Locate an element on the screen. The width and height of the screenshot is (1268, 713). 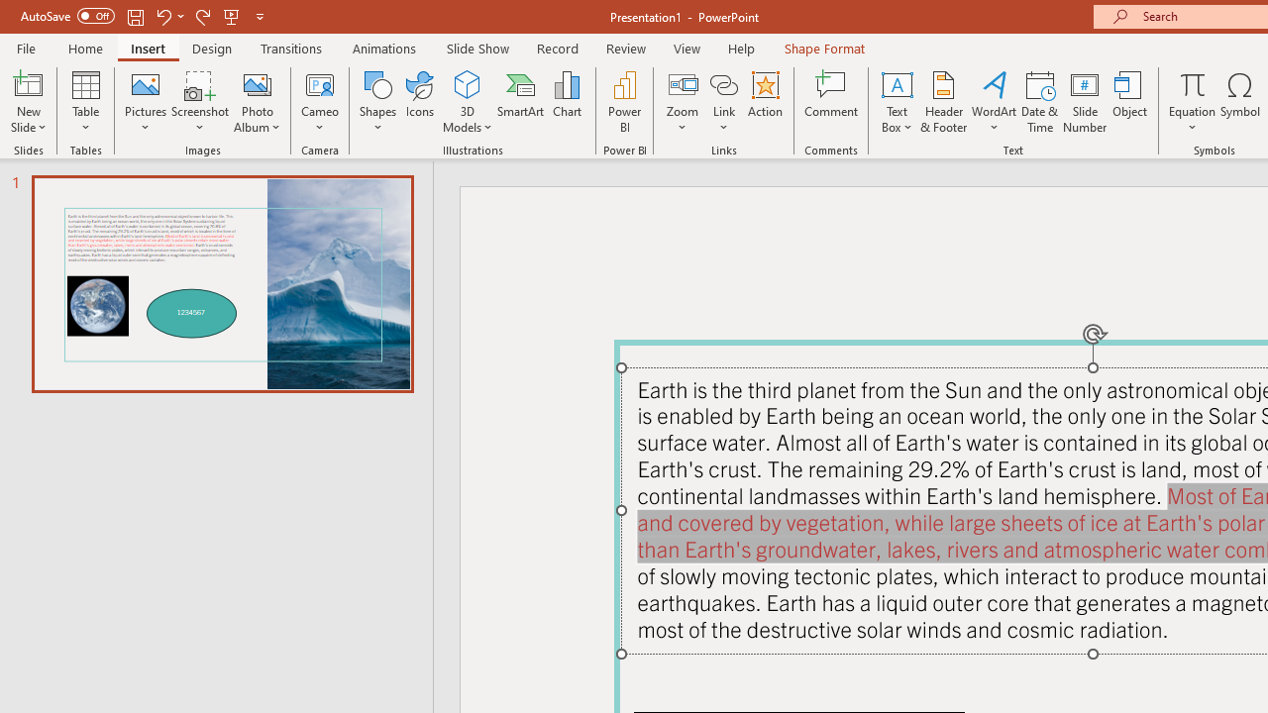
'Header & Footer...' is located at coordinates (942, 102).